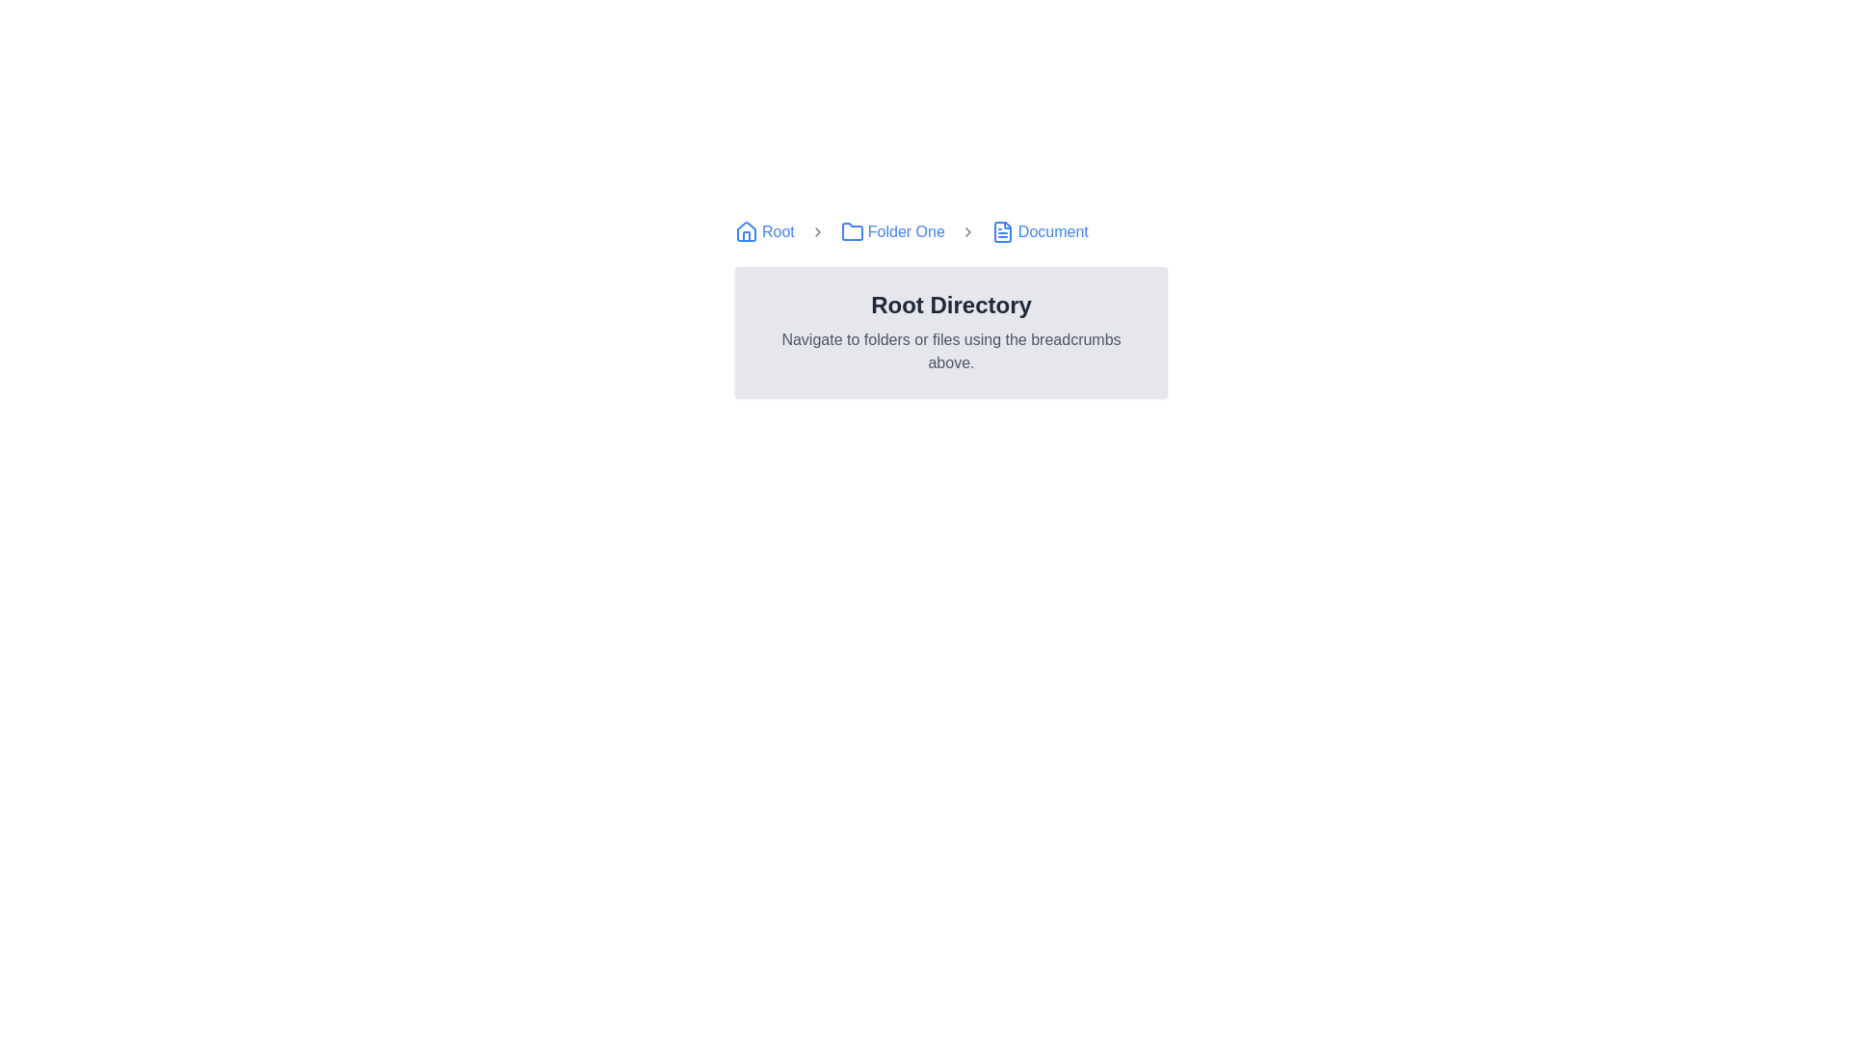 Image resolution: width=1850 pixels, height=1041 pixels. What do you see at coordinates (745, 235) in the screenshot?
I see `the decorative door element of the house icon located at the far-left of the breadcrumb navigation bar, which enhances the clarity of the icon representing a household or starting point` at bounding box center [745, 235].